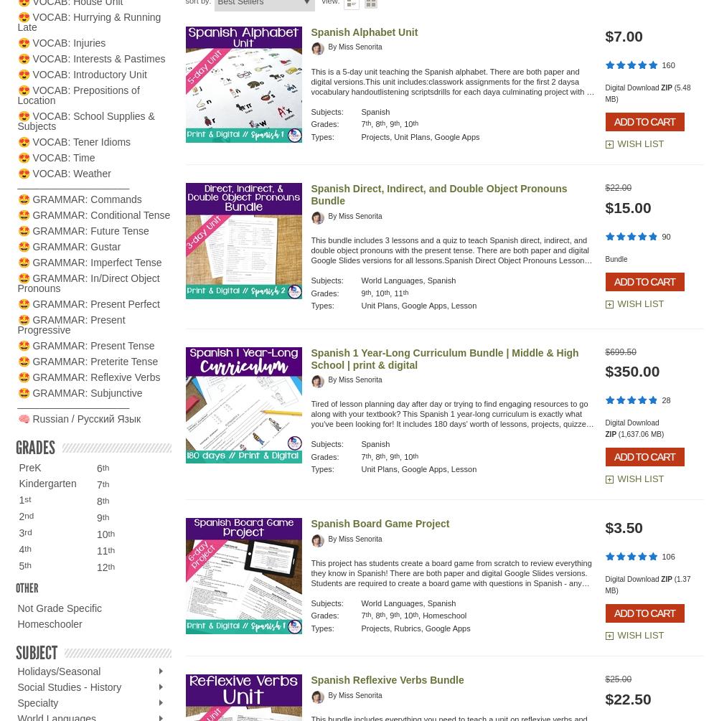 The image size is (709, 721). I want to click on '2', so click(21, 516).